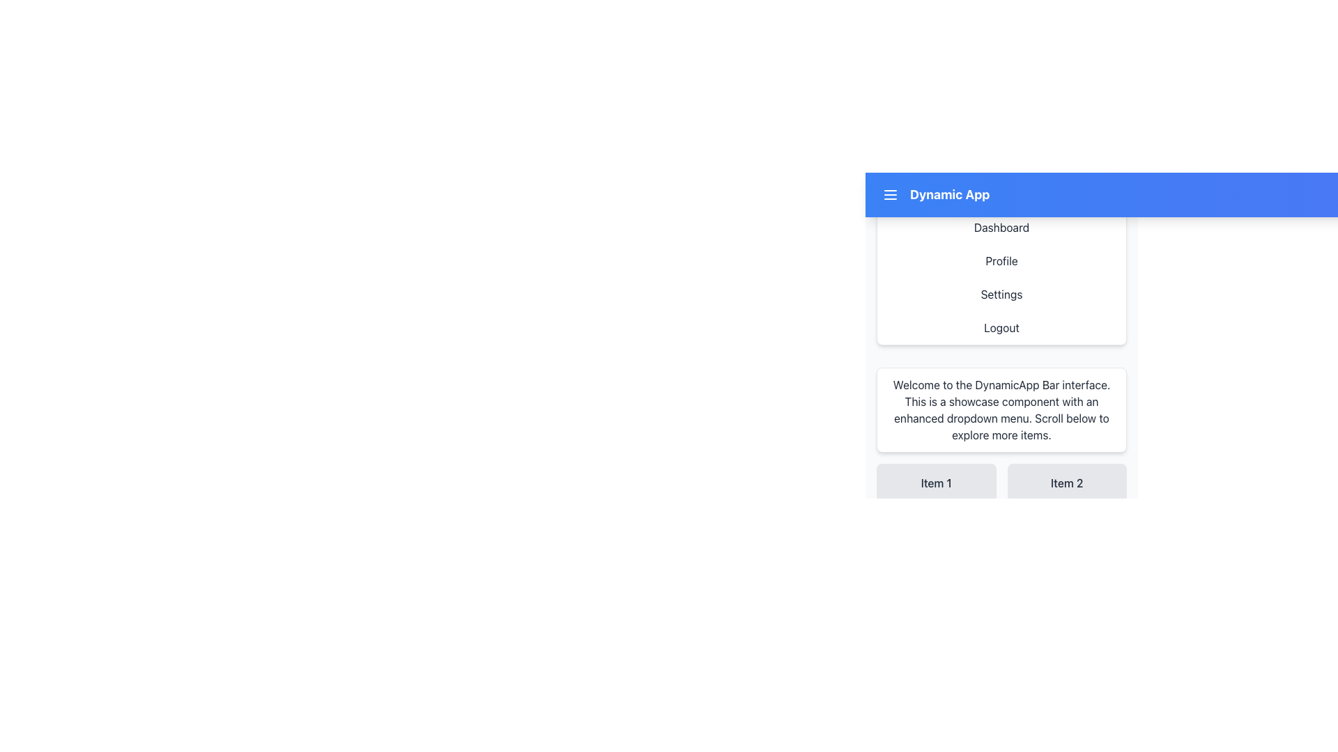  What do you see at coordinates (1001, 409) in the screenshot?
I see `informational text block located centrally above the grid of items, which welcomes users and guides them to explore the dropdown menu and additional items below` at bounding box center [1001, 409].